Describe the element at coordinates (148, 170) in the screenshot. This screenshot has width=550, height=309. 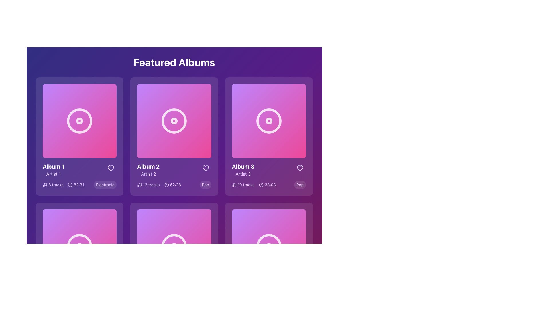
I see `the text label displaying the title 'Album 2' and artist 'Artist 2', located in the second column of the first row of the 'Featured Albums' section` at that location.